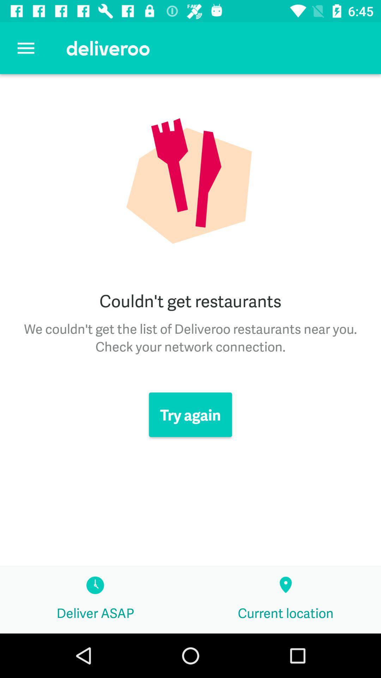 This screenshot has height=678, width=381. I want to click on deliver asap icon, so click(95, 600).